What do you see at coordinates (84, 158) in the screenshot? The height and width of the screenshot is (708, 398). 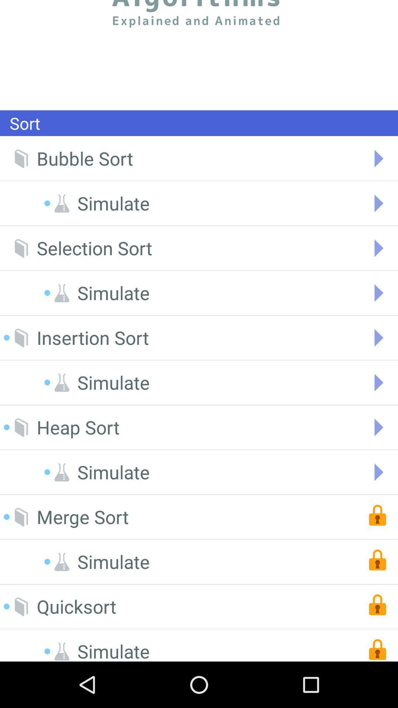 I see `the item above the simulate icon` at bounding box center [84, 158].